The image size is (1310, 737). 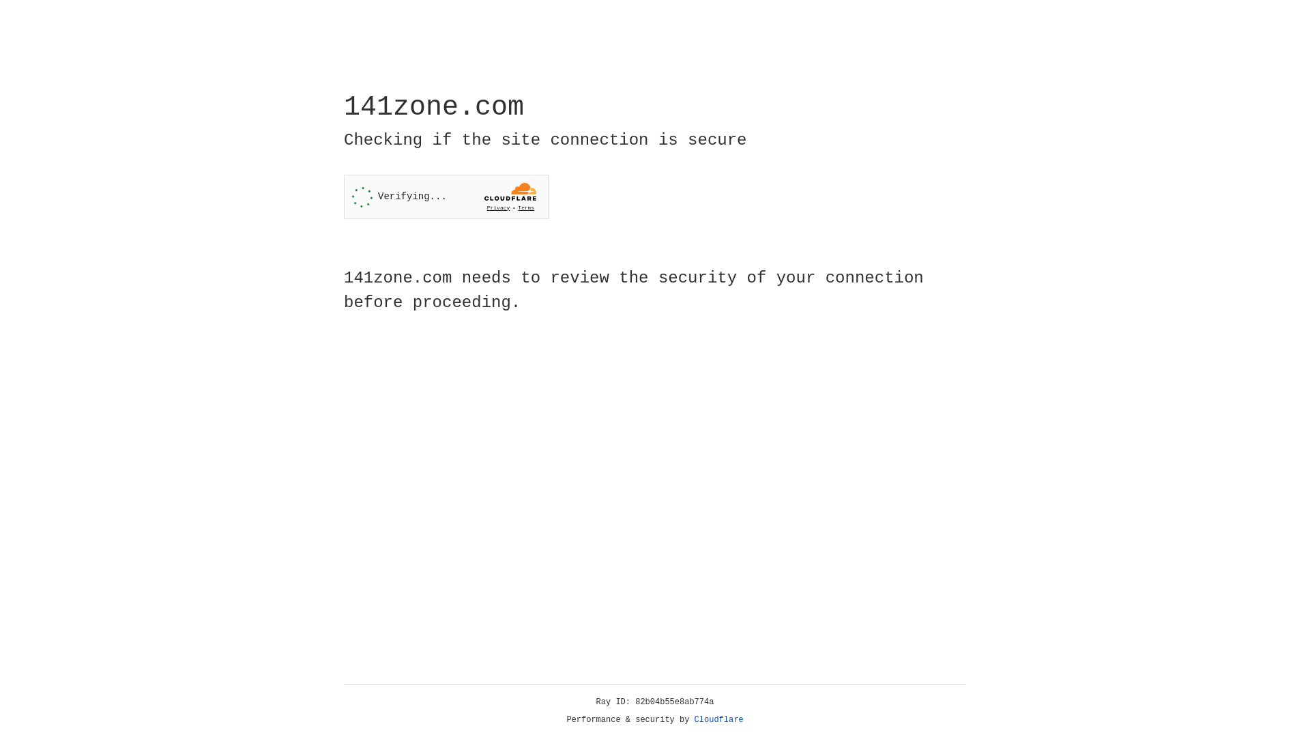 I want to click on 'Widget containing a Cloudflare security challenge', so click(x=446, y=197).